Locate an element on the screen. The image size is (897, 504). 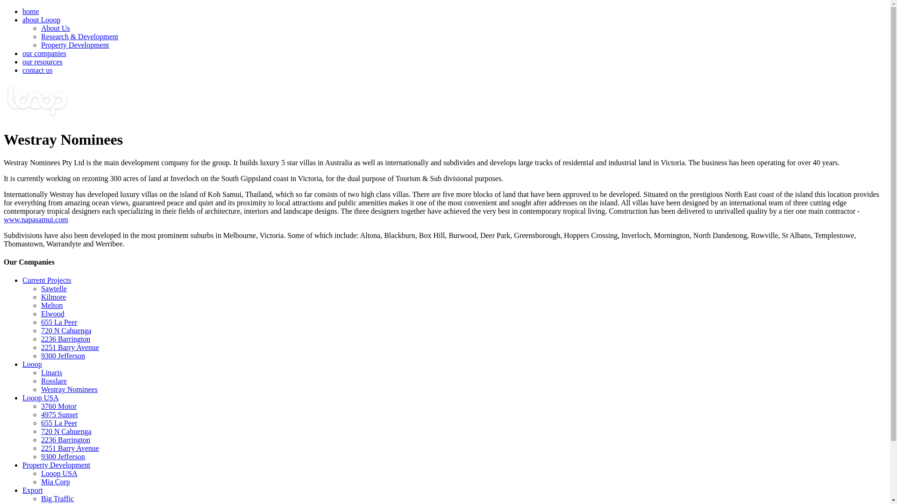
'Sawtelle' is located at coordinates (53, 288).